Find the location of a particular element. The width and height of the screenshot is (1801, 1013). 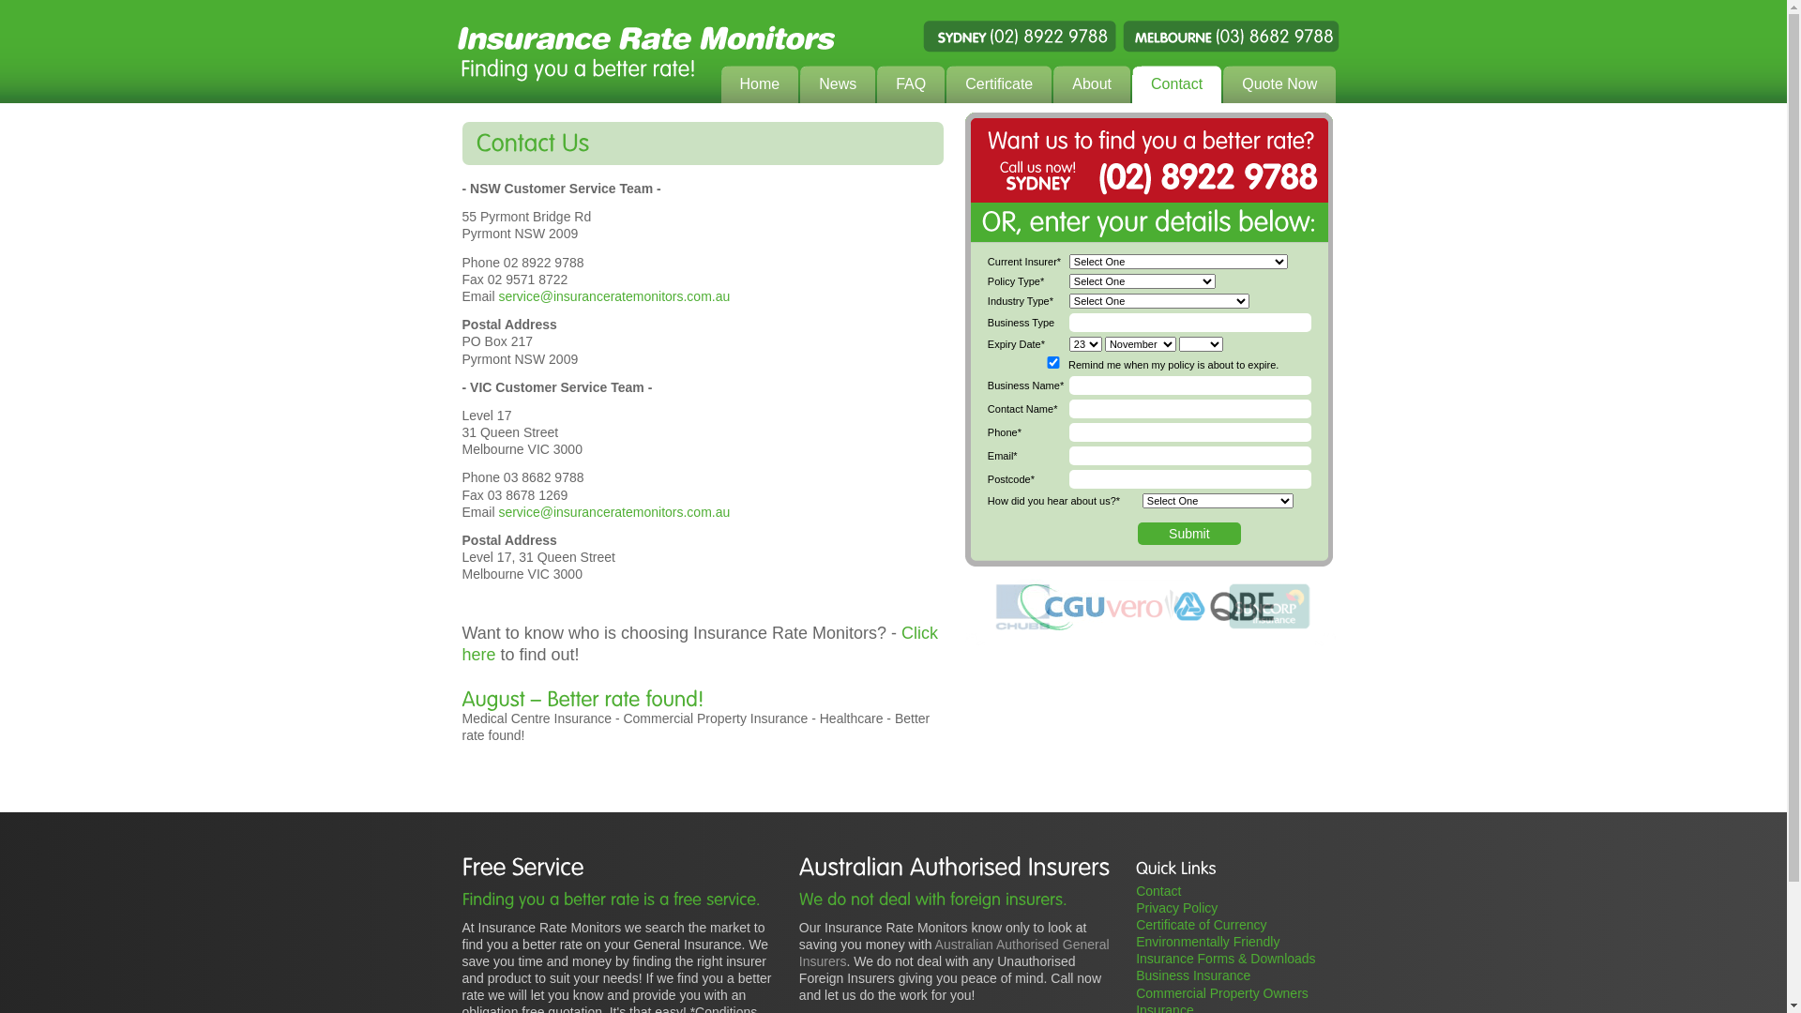

'News' is located at coordinates (836, 85).